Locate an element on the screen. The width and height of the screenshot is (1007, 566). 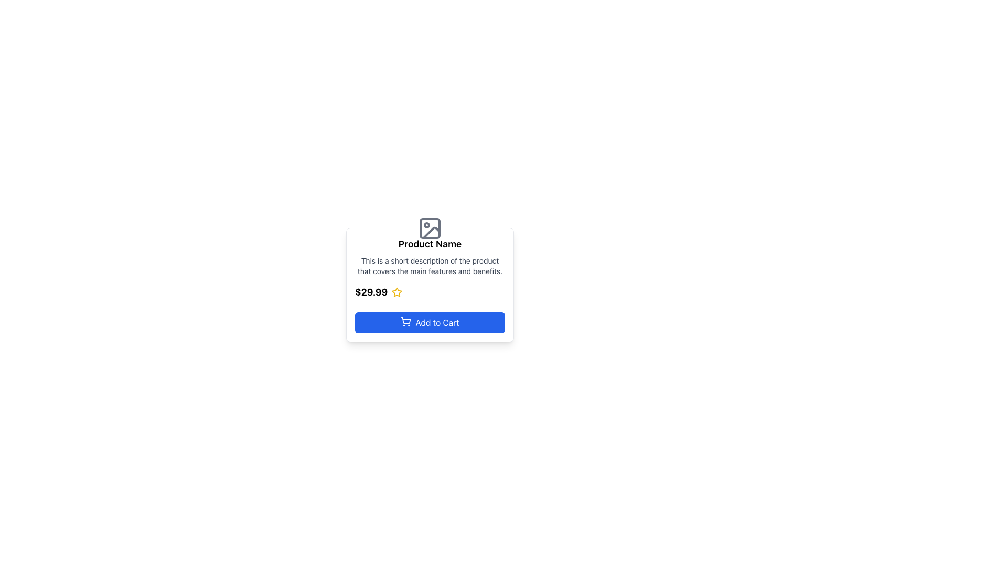
the slanted line vector graphic that resembles an image or photo content icon, located in the lower right corner of the image placeholder's bounding box is located at coordinates (431, 232).